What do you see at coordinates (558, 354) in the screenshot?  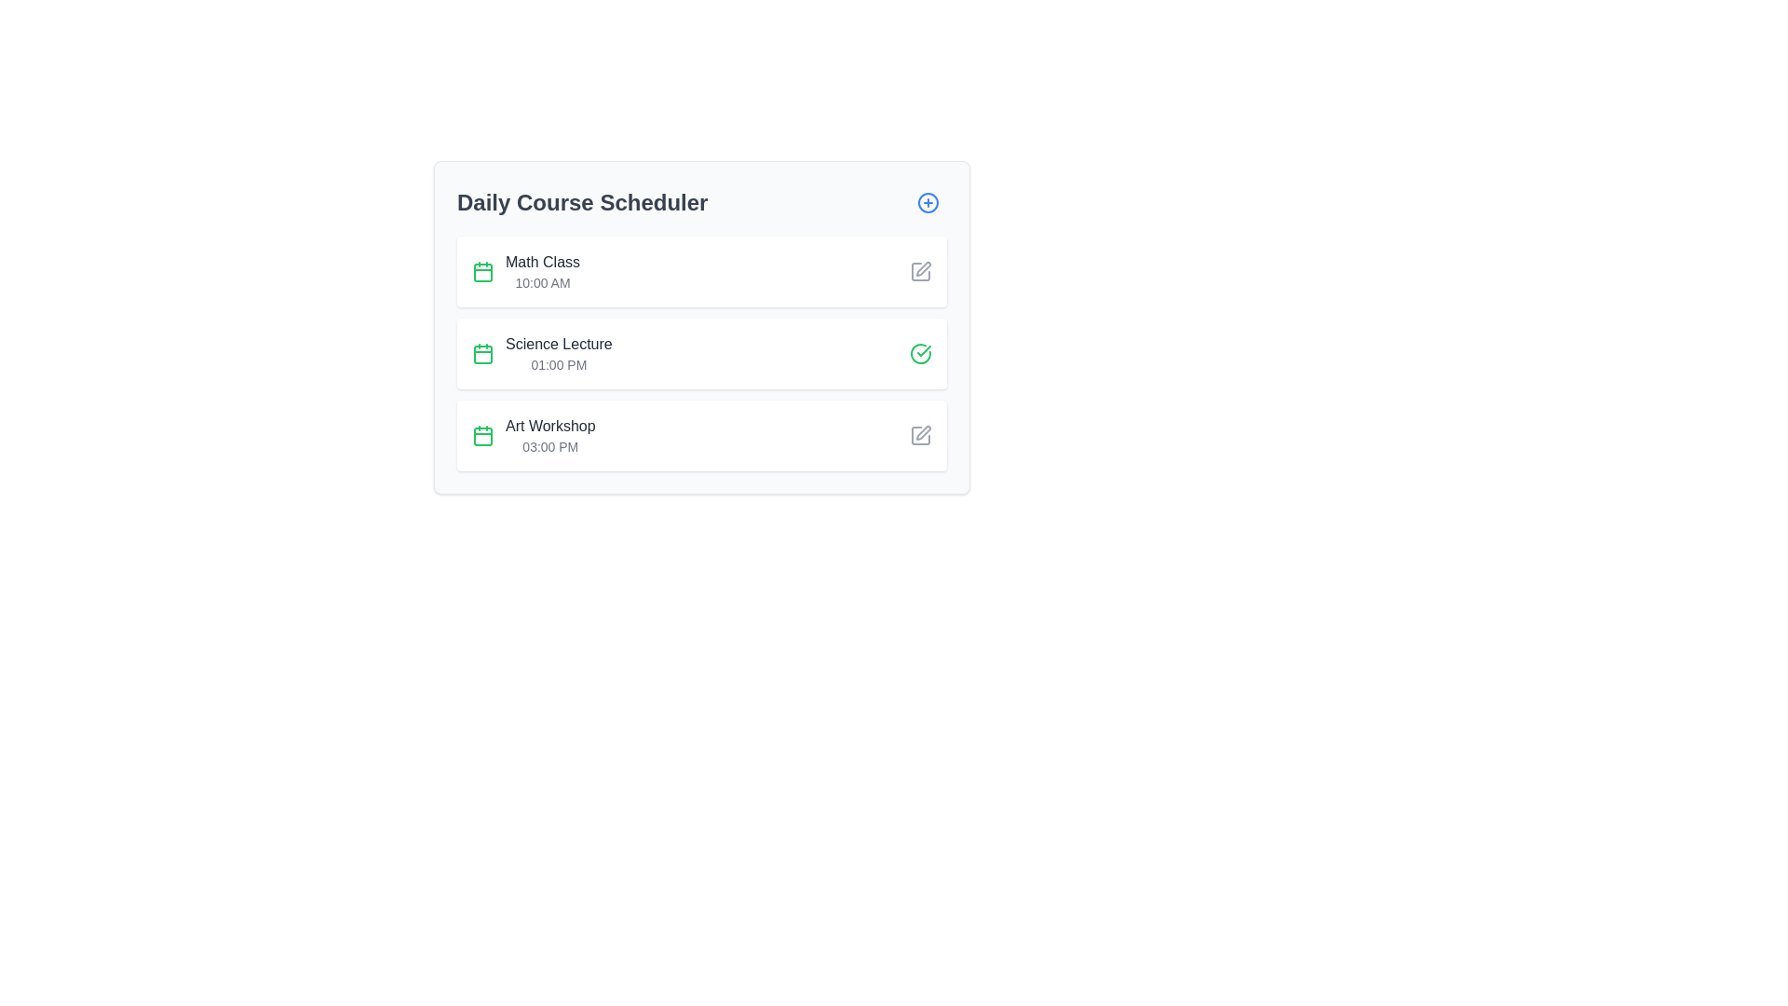 I see `the text label displaying the title 'Science Lecture' which indicates a scheduled event in the 'Daily Course Scheduler' list` at bounding box center [558, 354].